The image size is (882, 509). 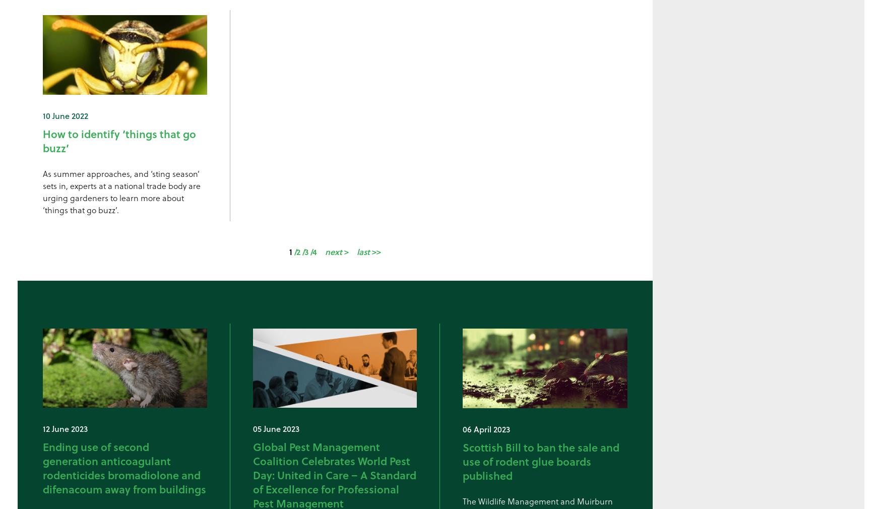 What do you see at coordinates (376, 251) in the screenshot?
I see `'>>'` at bounding box center [376, 251].